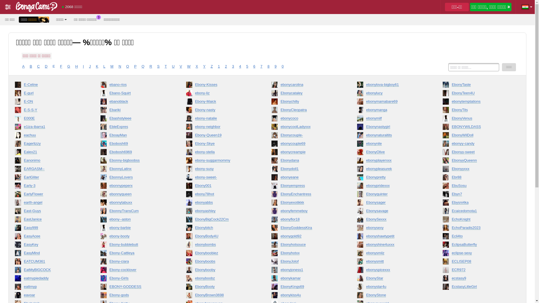 The image size is (539, 303). What do you see at coordinates (477, 178) in the screenshot?
I see `'Ebr88'` at bounding box center [477, 178].